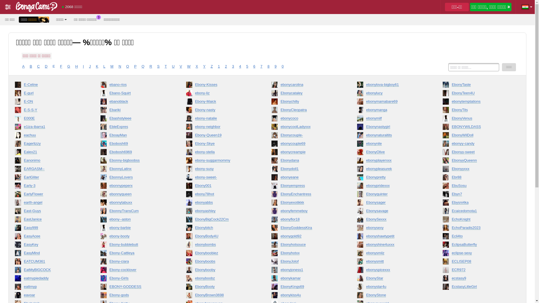 The image size is (539, 303). What do you see at coordinates (477, 178) in the screenshot?
I see `'Ebr88'` at bounding box center [477, 178].